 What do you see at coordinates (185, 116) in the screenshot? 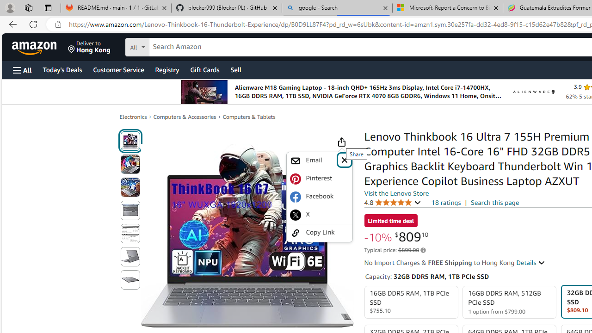
I see `'Computers & Accessories'` at bounding box center [185, 116].